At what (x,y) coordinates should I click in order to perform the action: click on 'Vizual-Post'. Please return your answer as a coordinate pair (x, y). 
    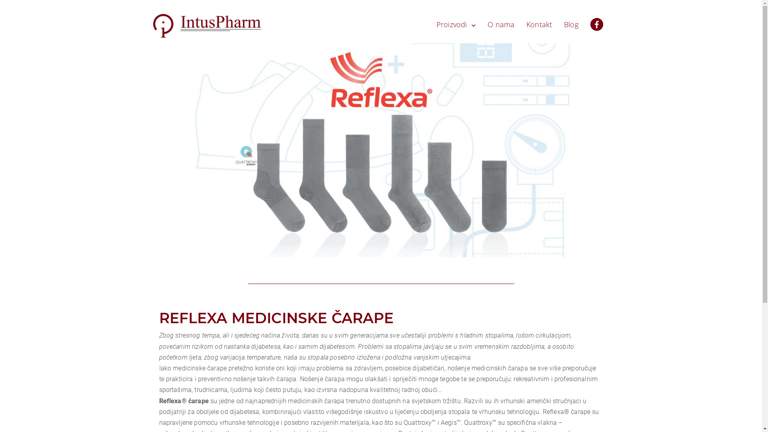
    Looking at the image, I should click on (380, 150).